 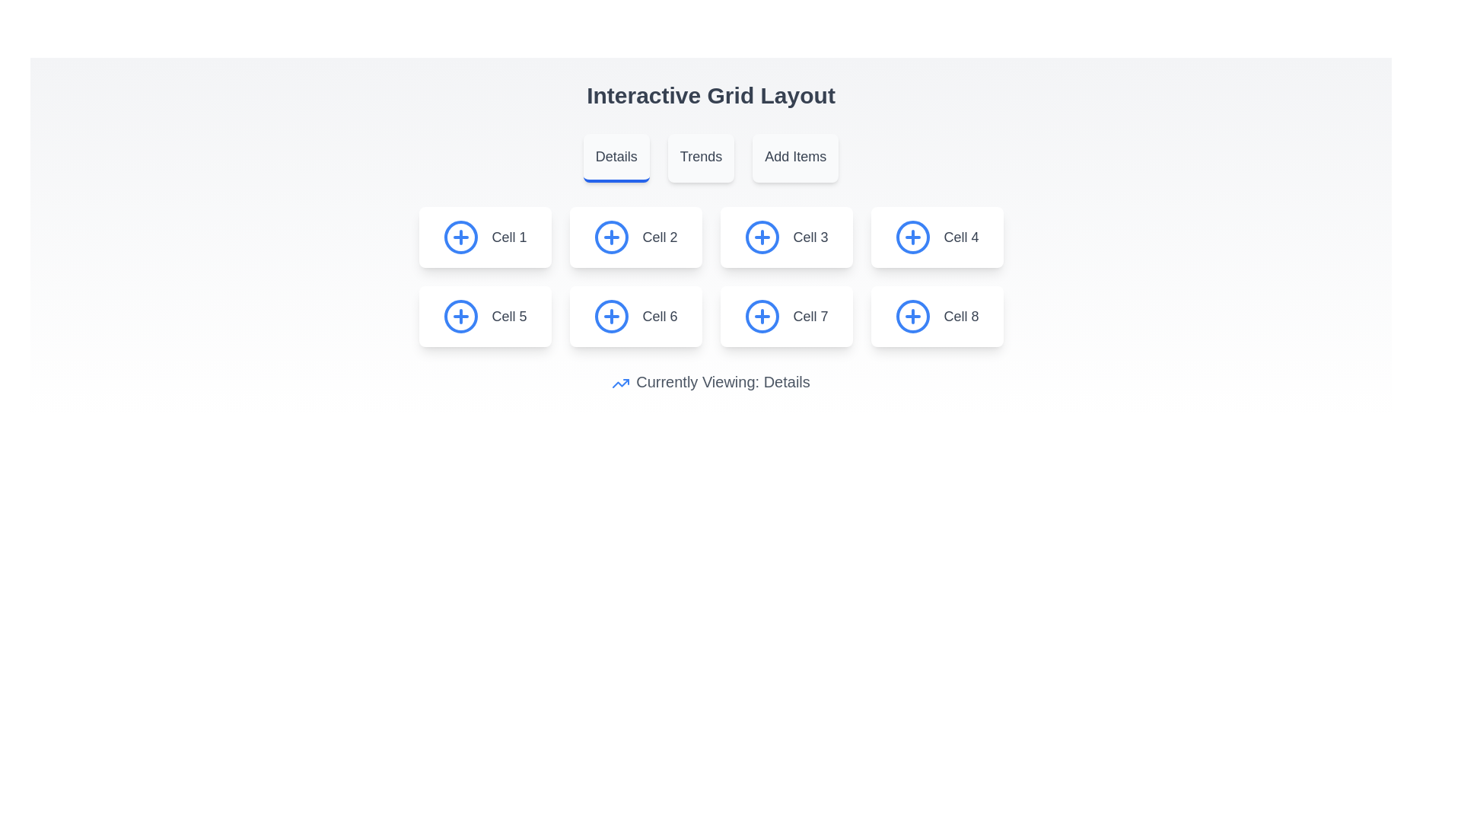 I want to click on the primary button located in the top-right cell of the grid layout, which is associated with the 'Cell 4' functionality, so click(x=913, y=237).